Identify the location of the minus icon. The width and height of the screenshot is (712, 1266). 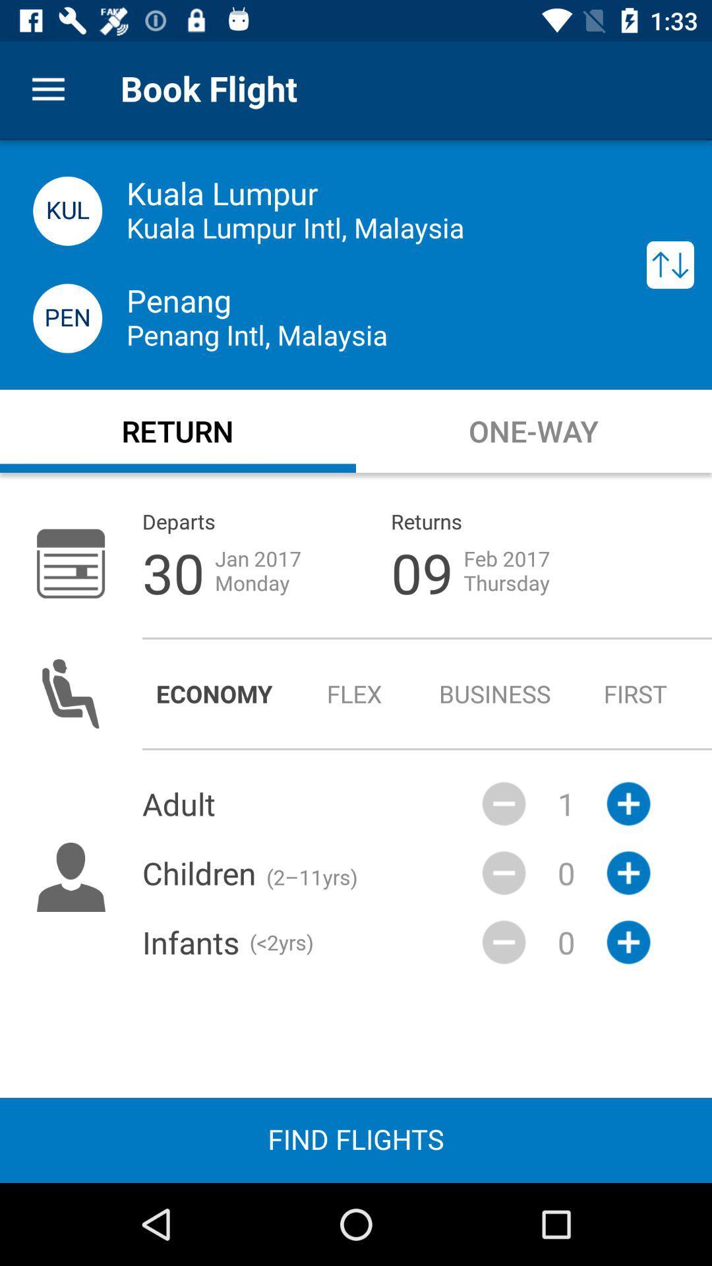
(504, 942).